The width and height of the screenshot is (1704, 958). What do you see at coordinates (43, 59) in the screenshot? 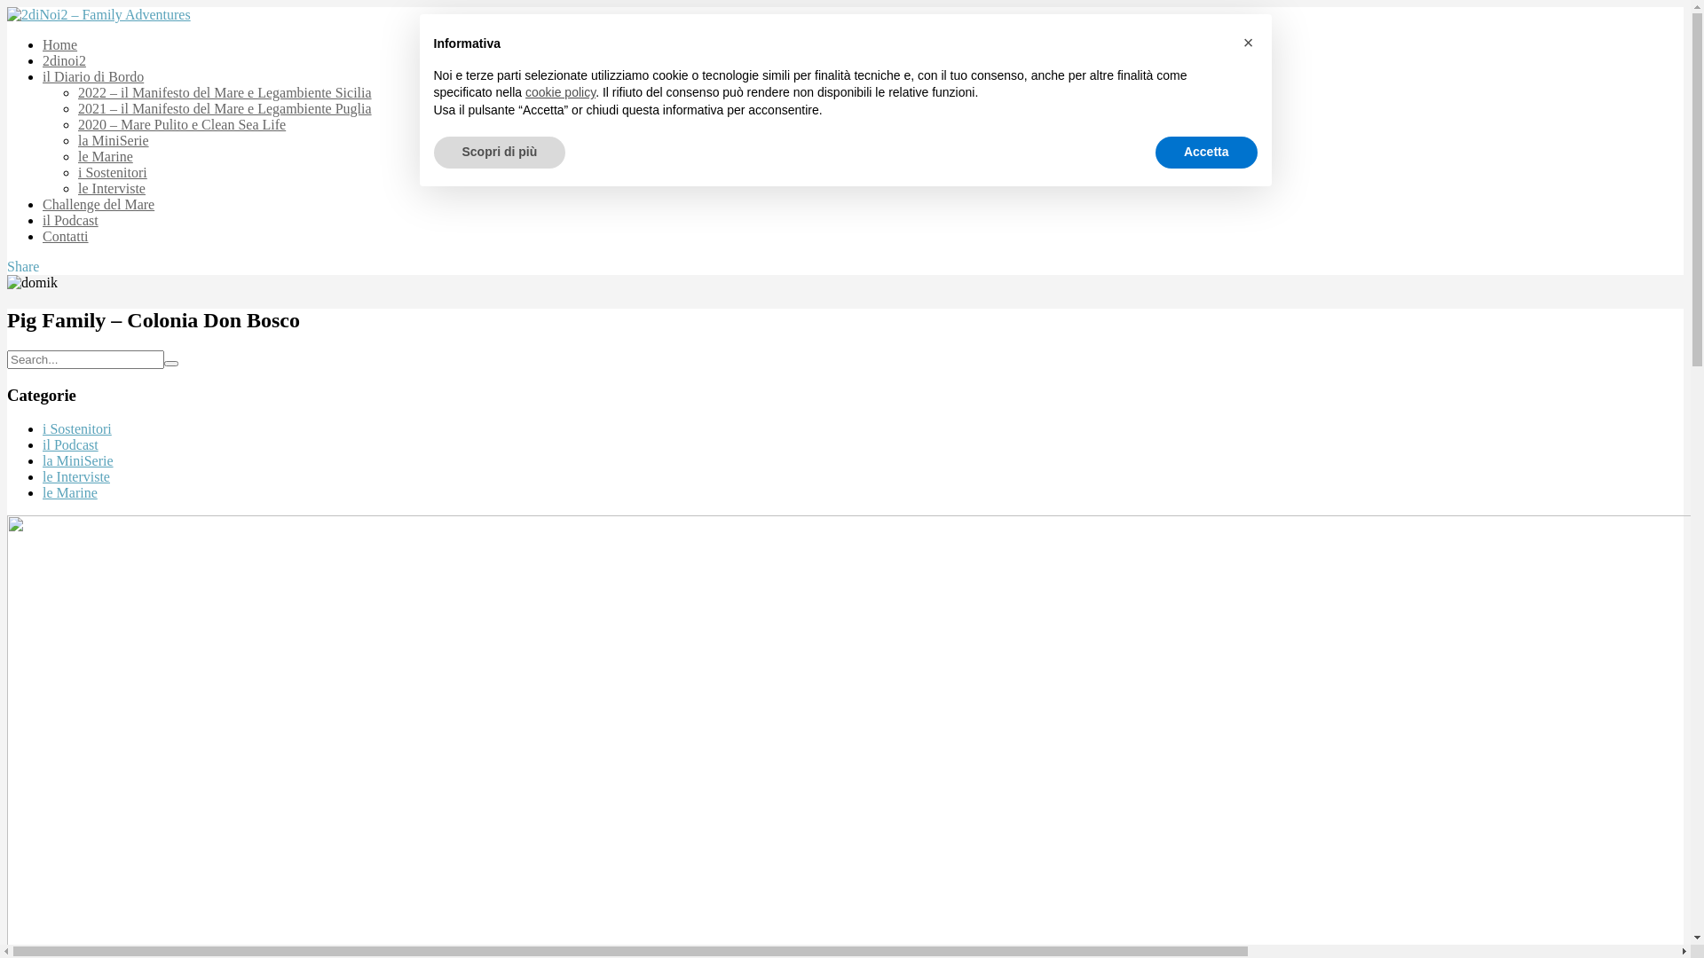
I see `'2dinoi2'` at bounding box center [43, 59].